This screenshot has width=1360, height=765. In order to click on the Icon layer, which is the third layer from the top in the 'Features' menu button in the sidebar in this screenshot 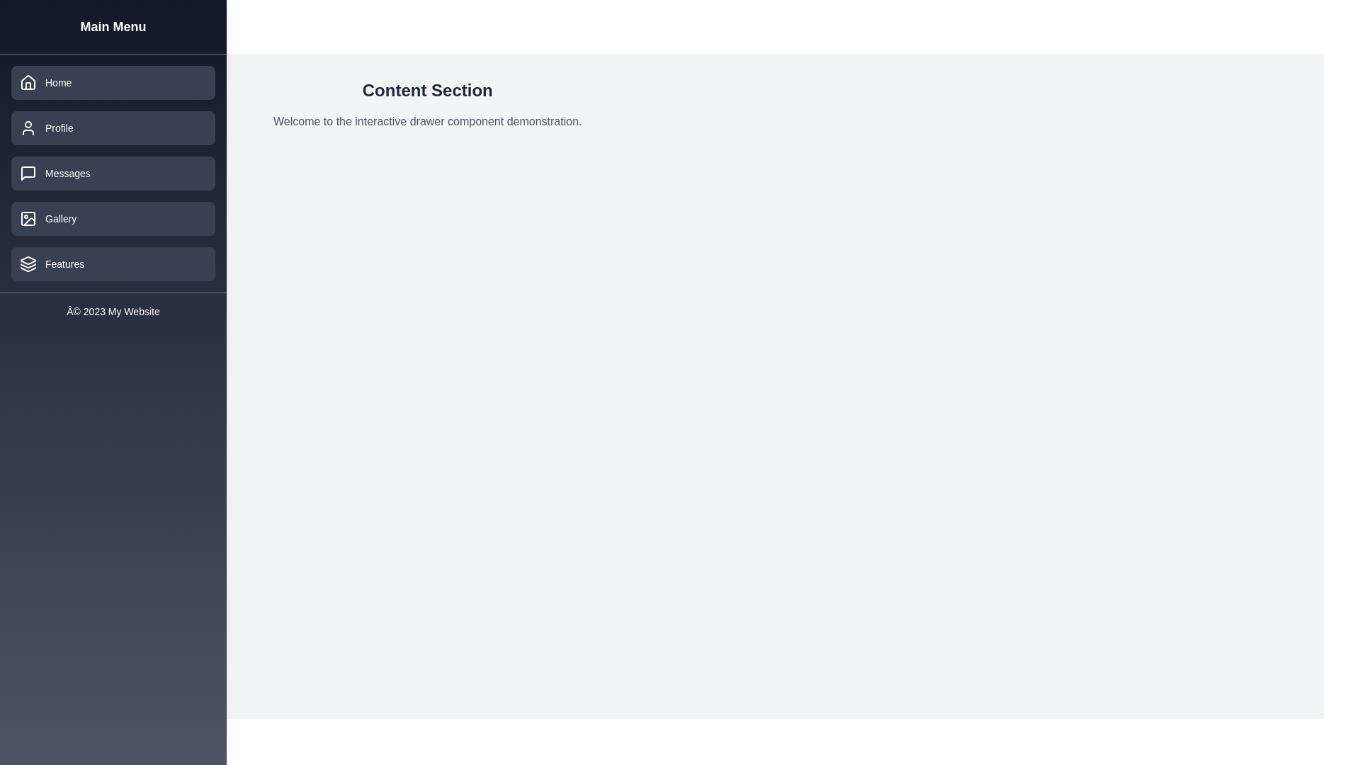, I will do `click(28, 269)`.